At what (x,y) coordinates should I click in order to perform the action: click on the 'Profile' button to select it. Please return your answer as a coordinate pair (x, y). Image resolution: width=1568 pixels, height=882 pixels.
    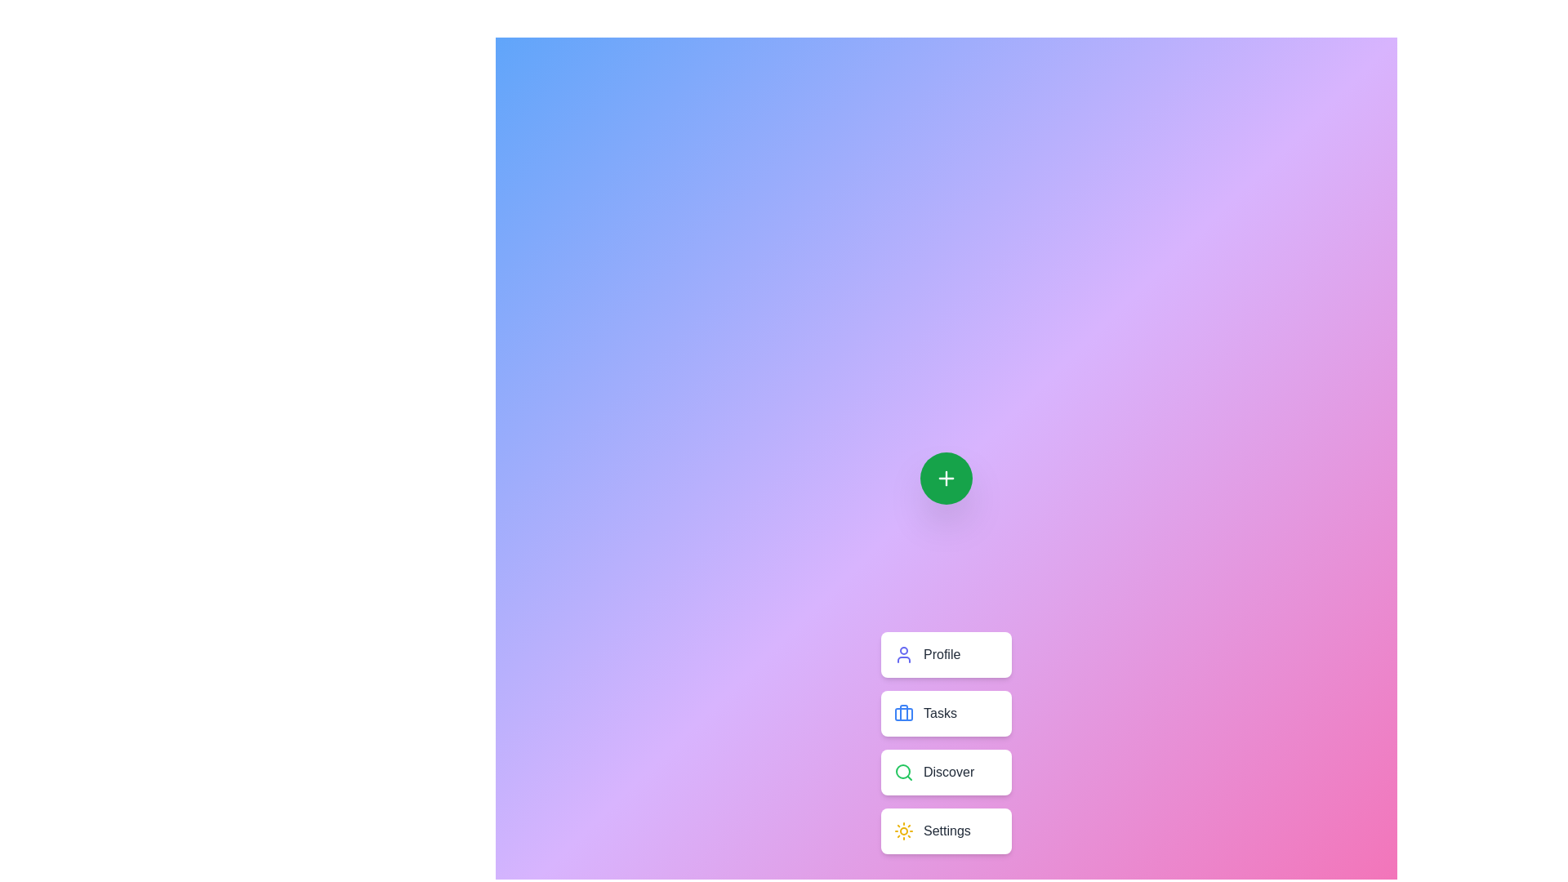
    Looking at the image, I should click on (946, 654).